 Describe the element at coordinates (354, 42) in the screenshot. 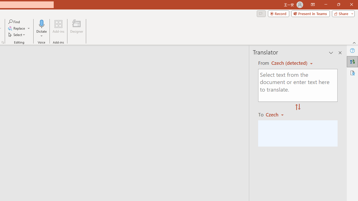

I see `'Collapse the Ribbon'` at that location.